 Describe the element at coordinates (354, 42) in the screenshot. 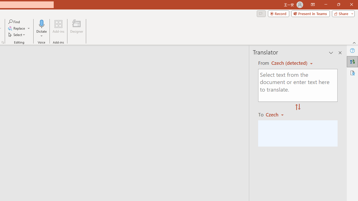

I see `'Collapse the Ribbon'` at that location.